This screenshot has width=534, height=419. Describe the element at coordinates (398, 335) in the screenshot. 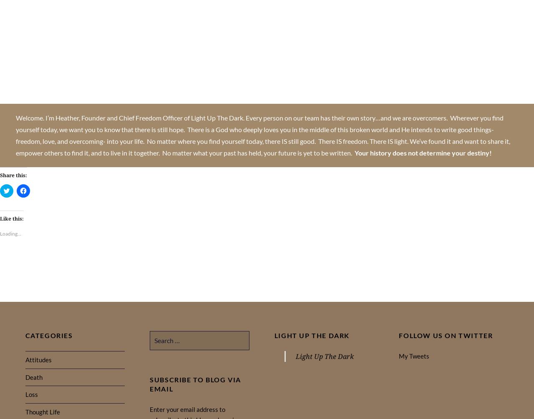

I see `'Follow us on Twitter'` at that location.